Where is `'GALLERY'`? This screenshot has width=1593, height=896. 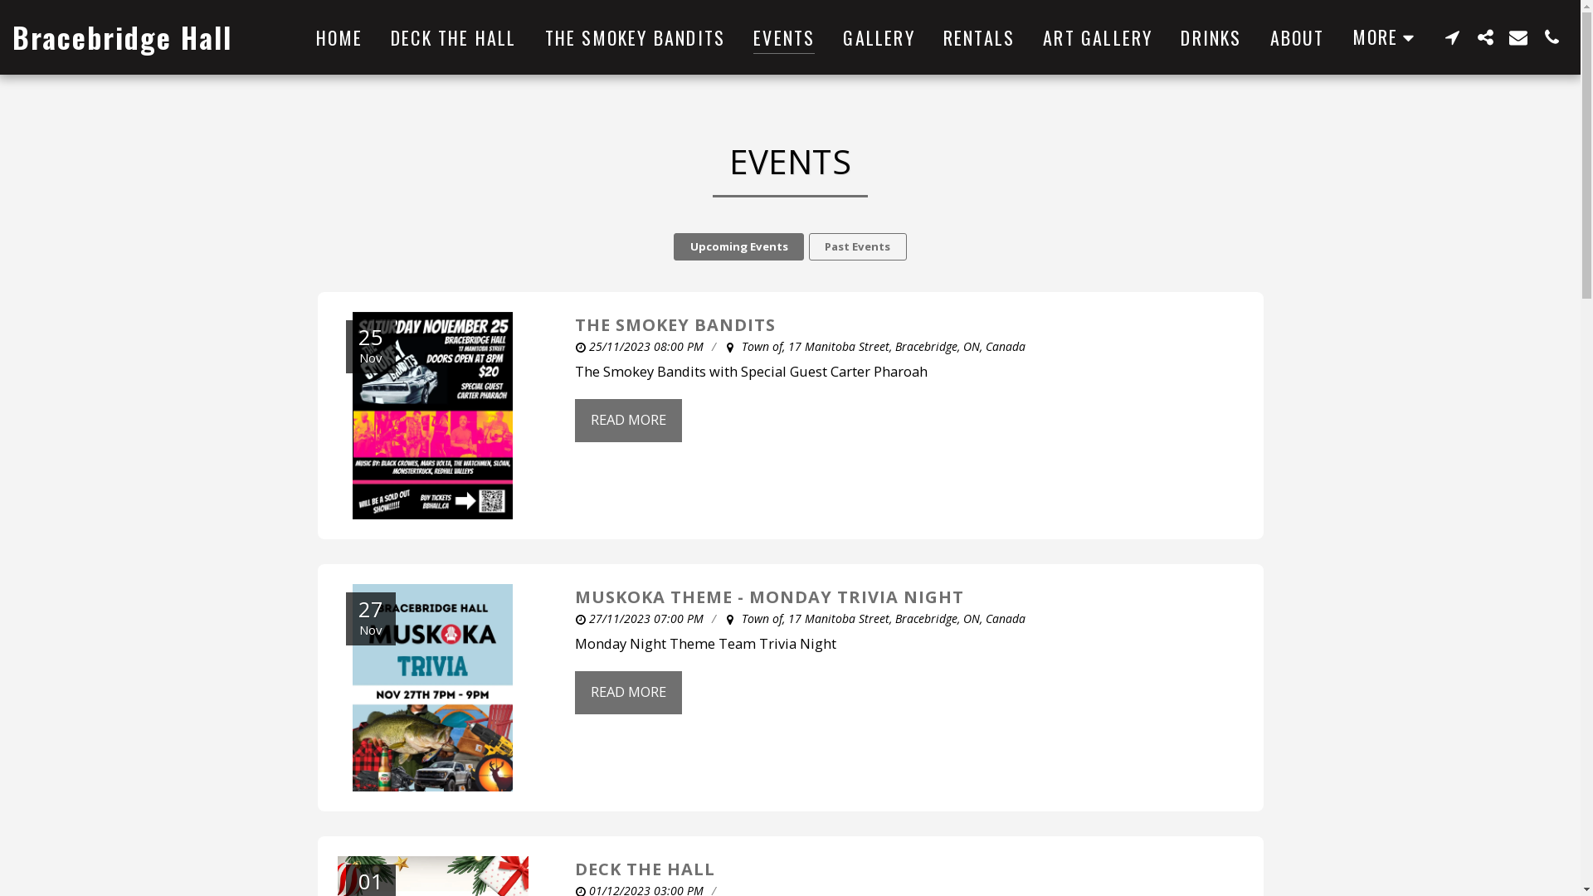
'GALLERY' is located at coordinates (829, 37).